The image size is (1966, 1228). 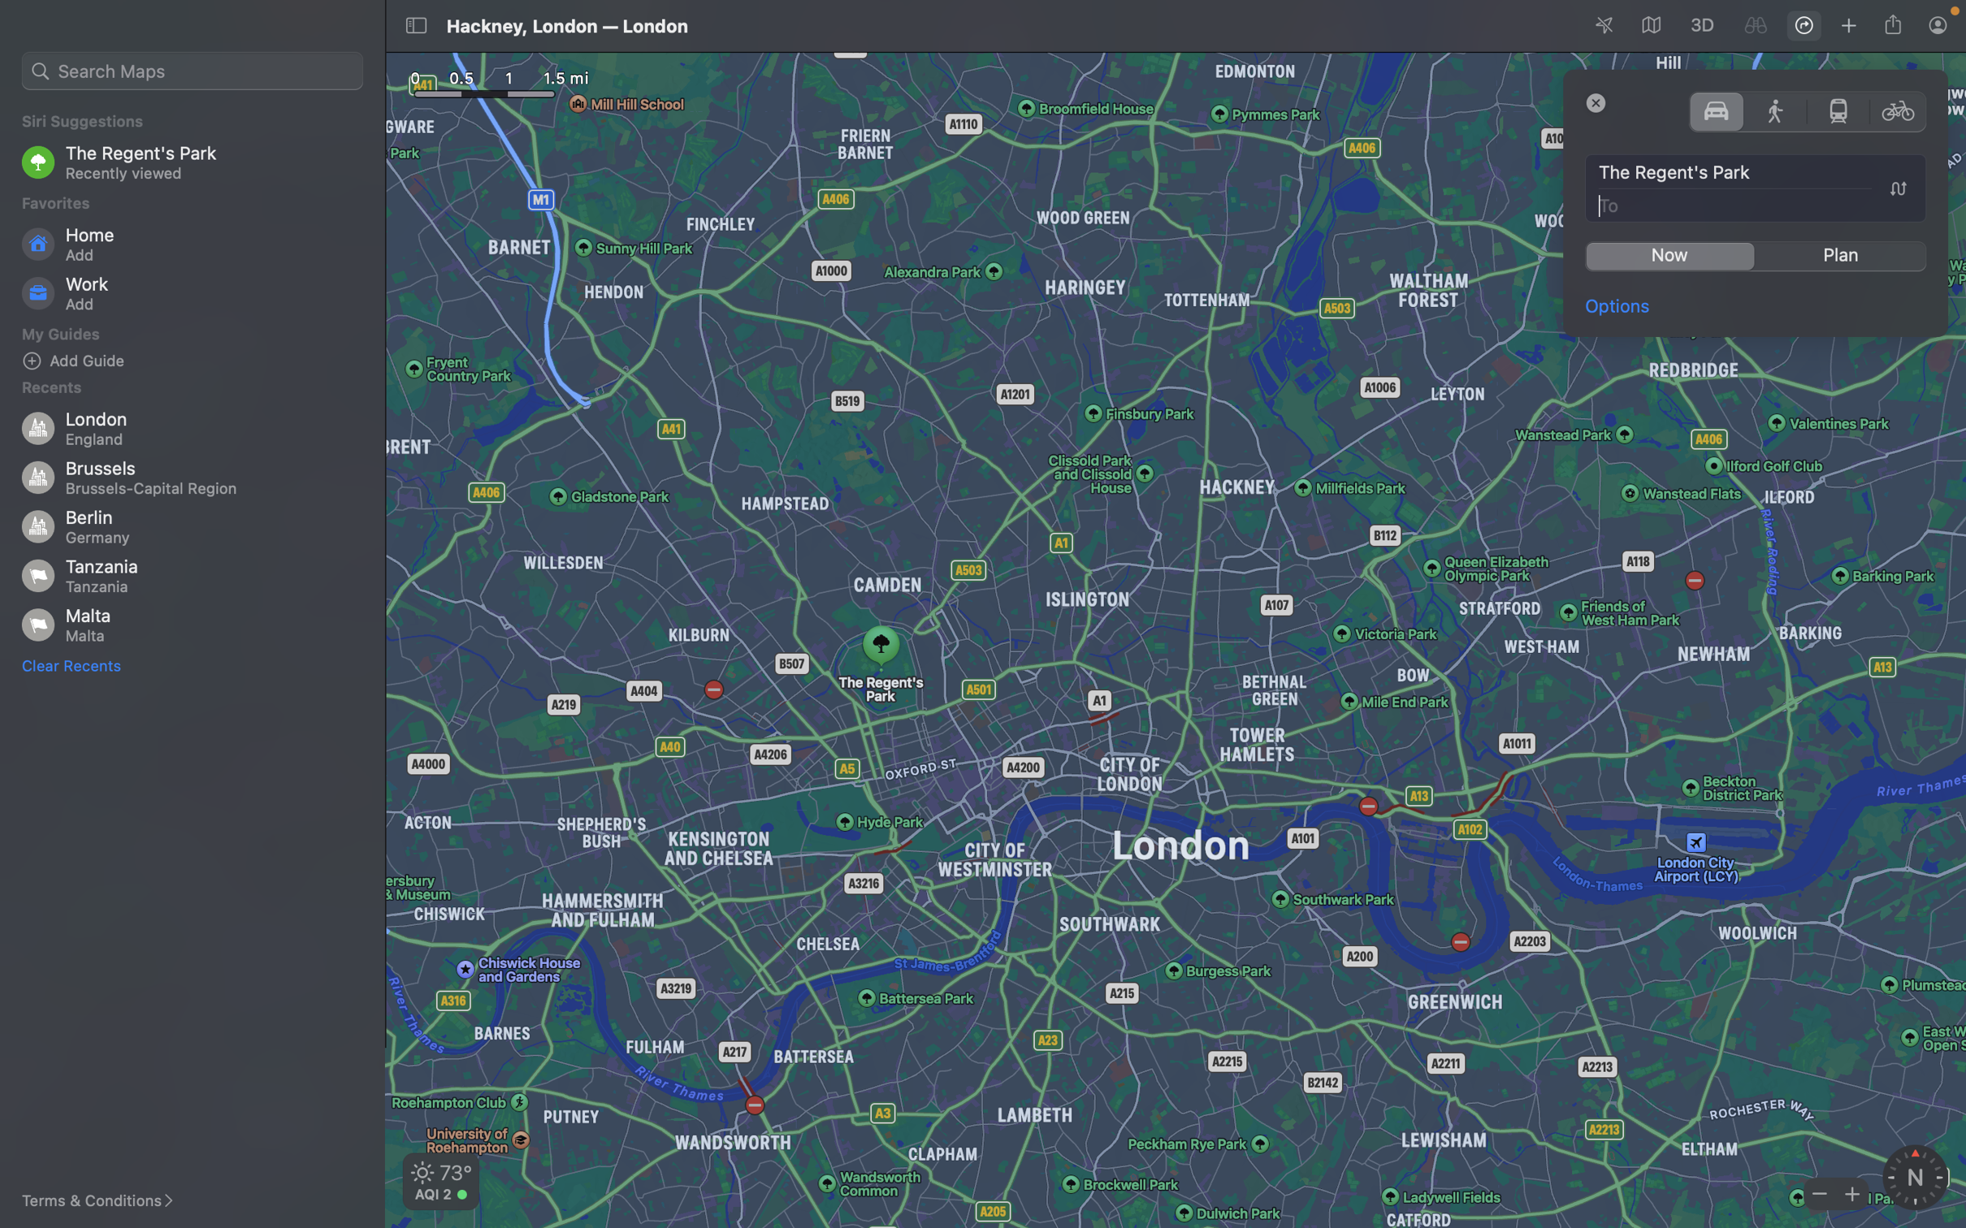 What do you see at coordinates (1596, 102) in the screenshot?
I see `the "close" button to close the current window` at bounding box center [1596, 102].